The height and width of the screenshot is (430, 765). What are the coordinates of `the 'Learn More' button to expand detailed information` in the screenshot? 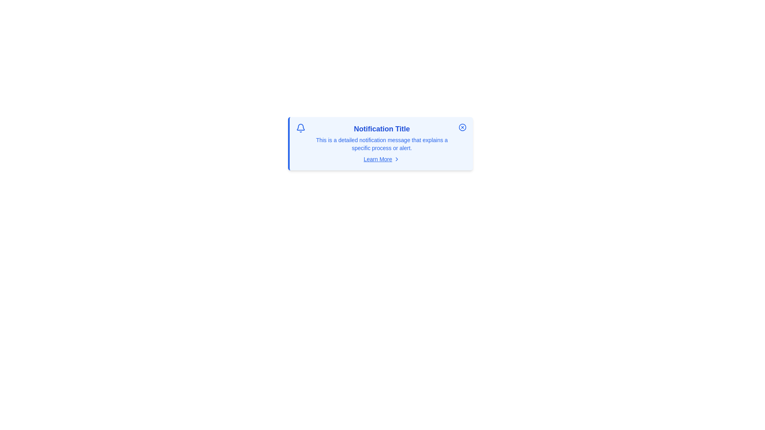 It's located at (381, 159).